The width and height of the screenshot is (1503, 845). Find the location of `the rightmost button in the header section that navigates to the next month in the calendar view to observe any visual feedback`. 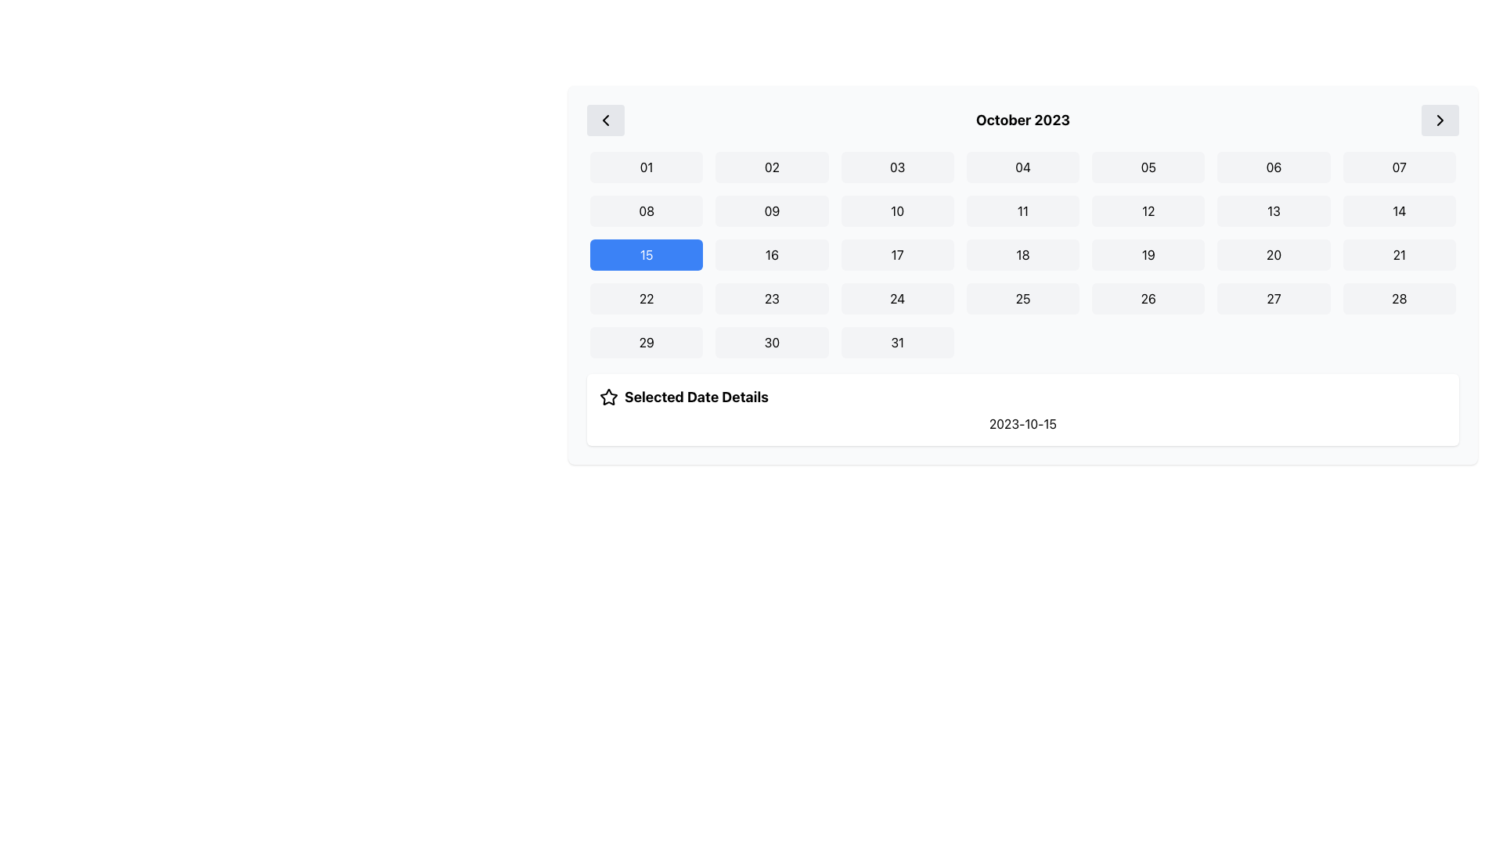

the rightmost button in the header section that navigates to the next month in the calendar view to observe any visual feedback is located at coordinates (1440, 120).